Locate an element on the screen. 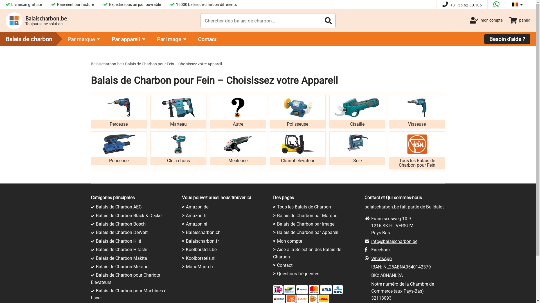 This screenshot has width=540, height=303. 'Tous les Balais de Charbon pour Fein' is located at coordinates (417, 150).